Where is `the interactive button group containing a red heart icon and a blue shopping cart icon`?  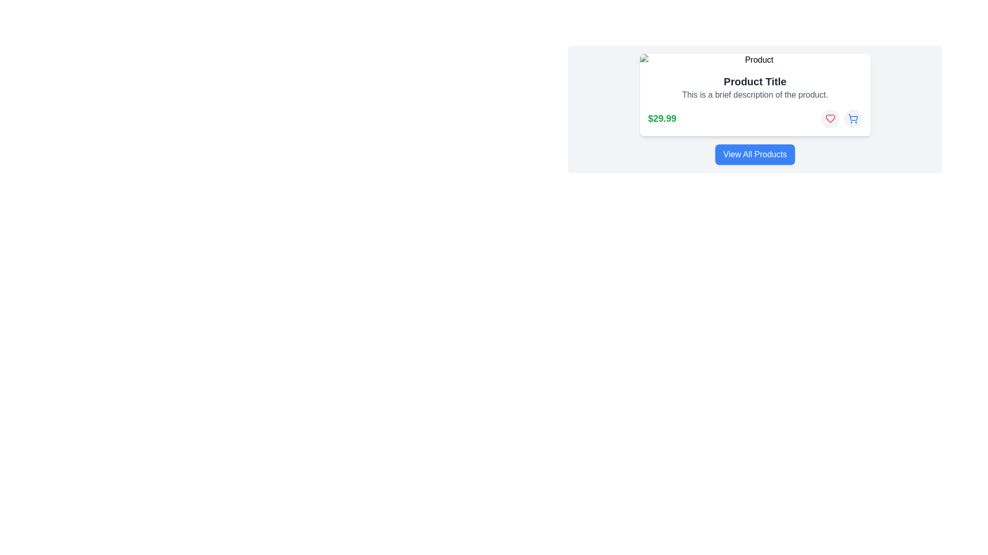 the interactive button group containing a red heart icon and a blue shopping cart icon is located at coordinates (841, 118).